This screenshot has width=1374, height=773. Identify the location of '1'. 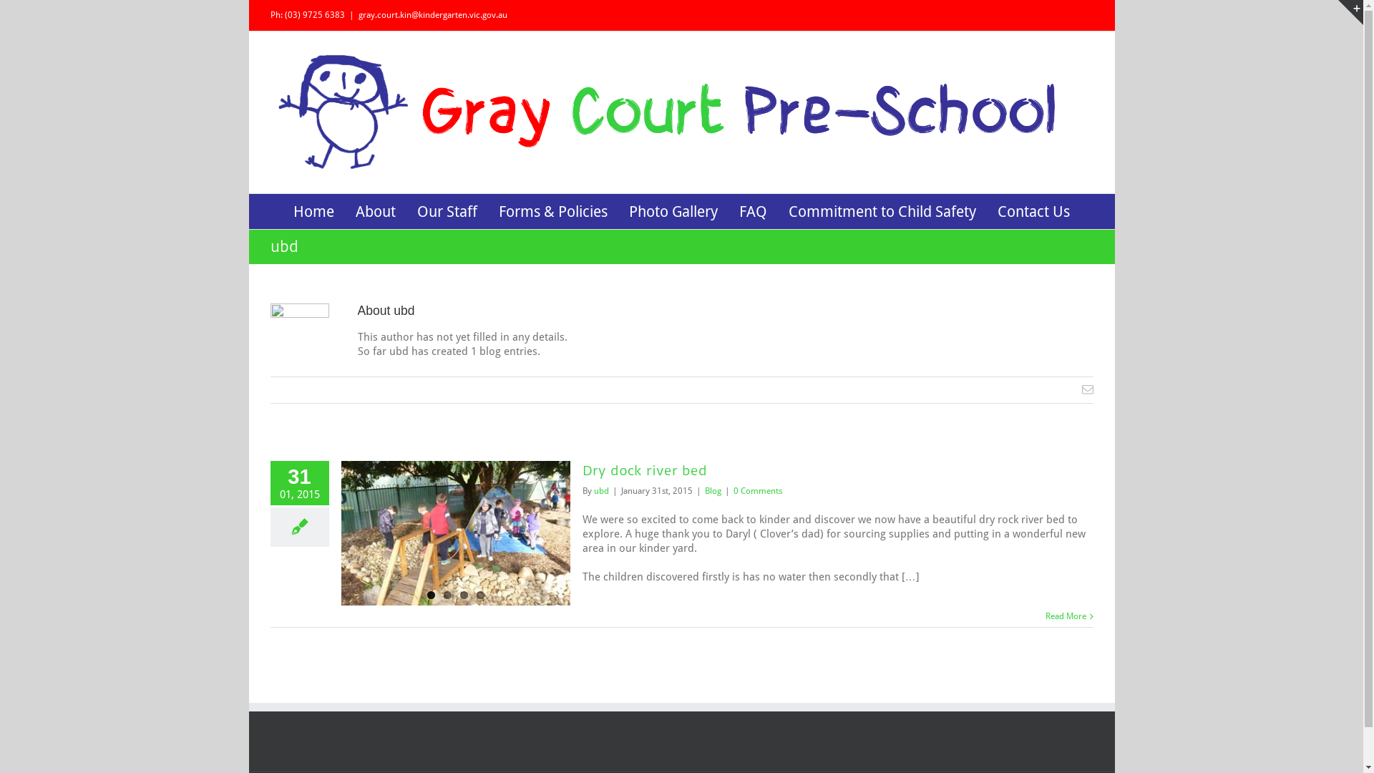
(429, 595).